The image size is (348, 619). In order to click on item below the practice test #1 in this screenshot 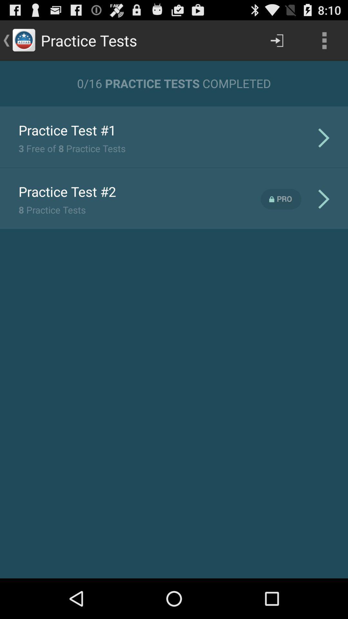, I will do `click(72, 148)`.